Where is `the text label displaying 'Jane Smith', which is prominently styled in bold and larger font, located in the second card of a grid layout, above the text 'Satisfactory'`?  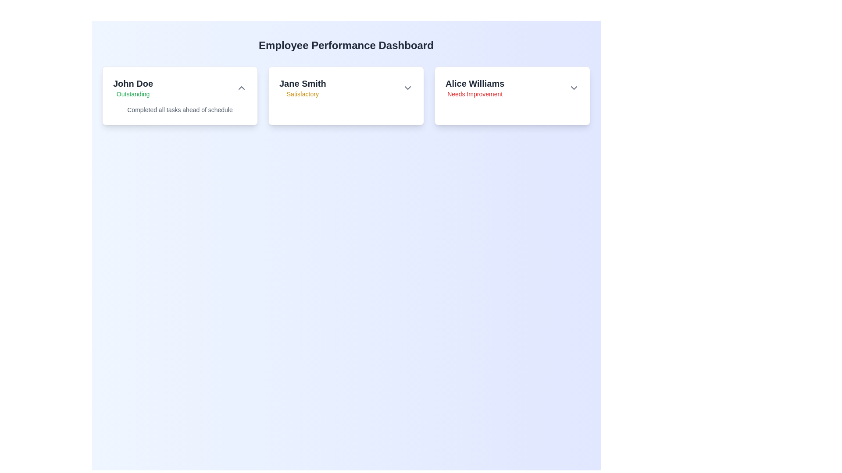 the text label displaying 'Jane Smith', which is prominently styled in bold and larger font, located in the second card of a grid layout, above the text 'Satisfactory' is located at coordinates (303, 84).